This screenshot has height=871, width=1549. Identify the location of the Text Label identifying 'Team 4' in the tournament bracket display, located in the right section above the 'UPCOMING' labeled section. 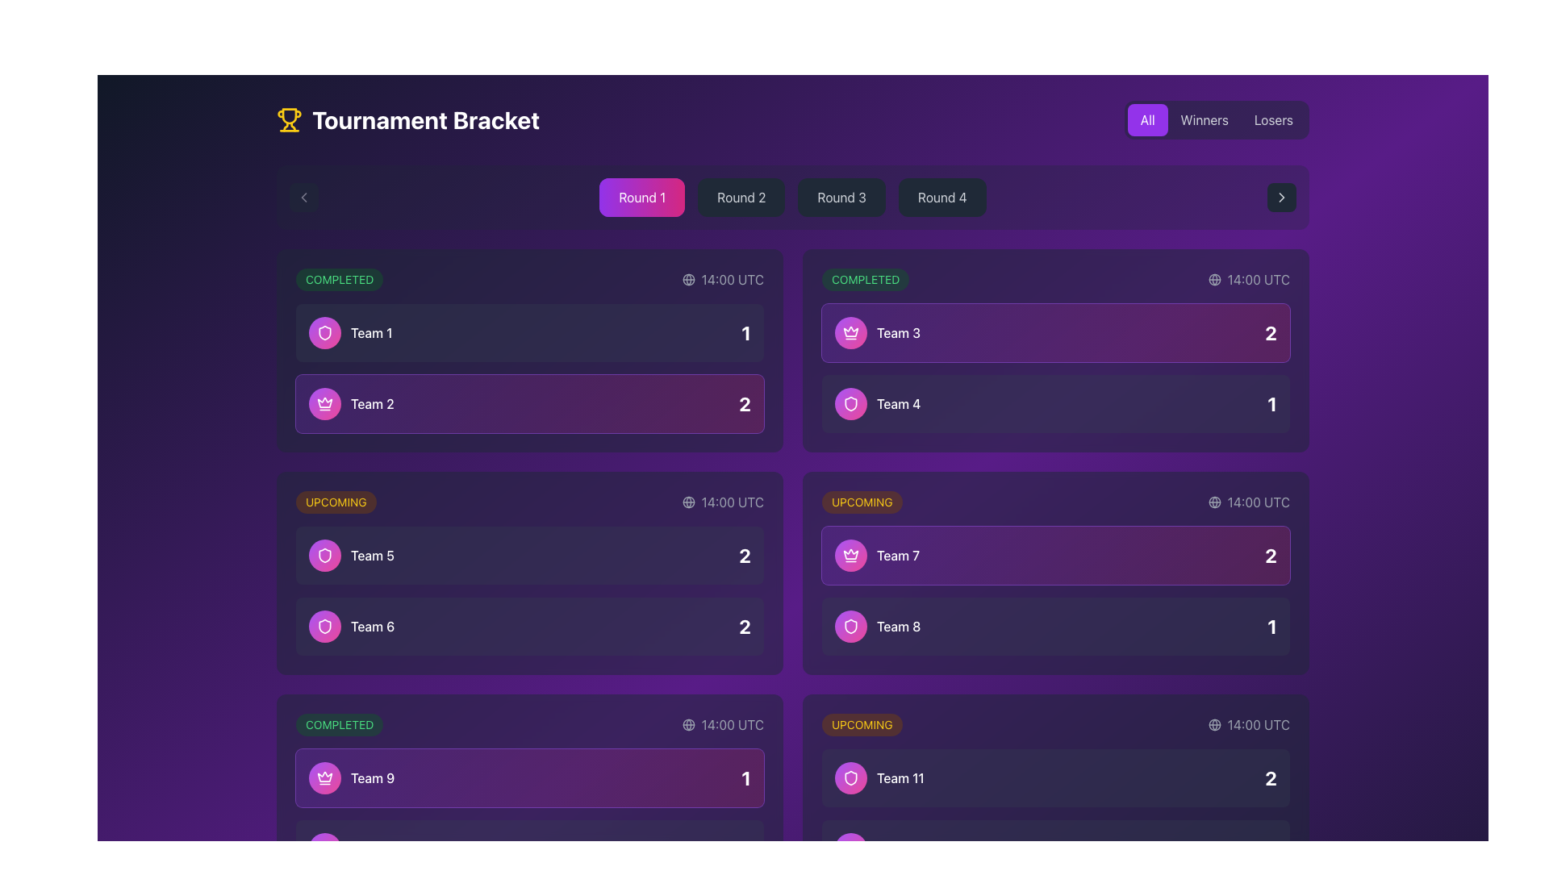
(898, 403).